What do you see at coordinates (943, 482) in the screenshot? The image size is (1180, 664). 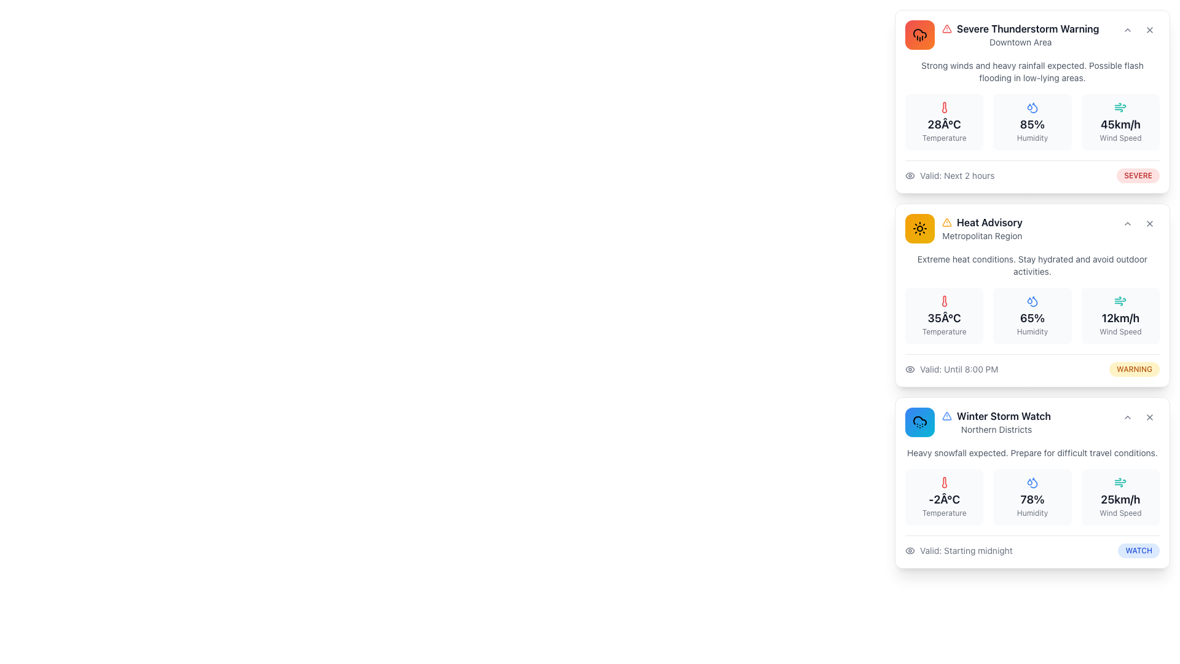 I see `the temperature icon located in the leftmost slot of the statistics display area in the third card titled 'Winter Storm Watch'` at bounding box center [943, 482].